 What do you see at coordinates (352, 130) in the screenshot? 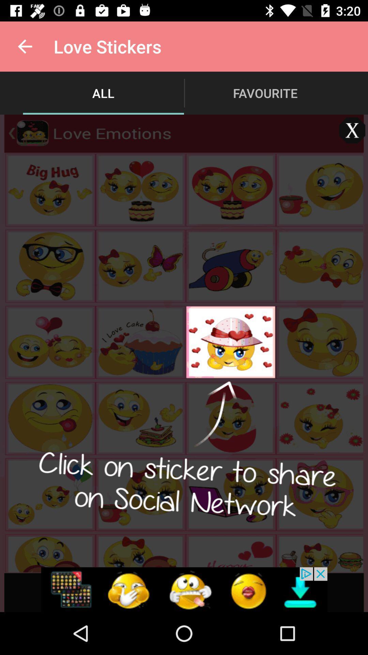
I see `the close icon` at bounding box center [352, 130].